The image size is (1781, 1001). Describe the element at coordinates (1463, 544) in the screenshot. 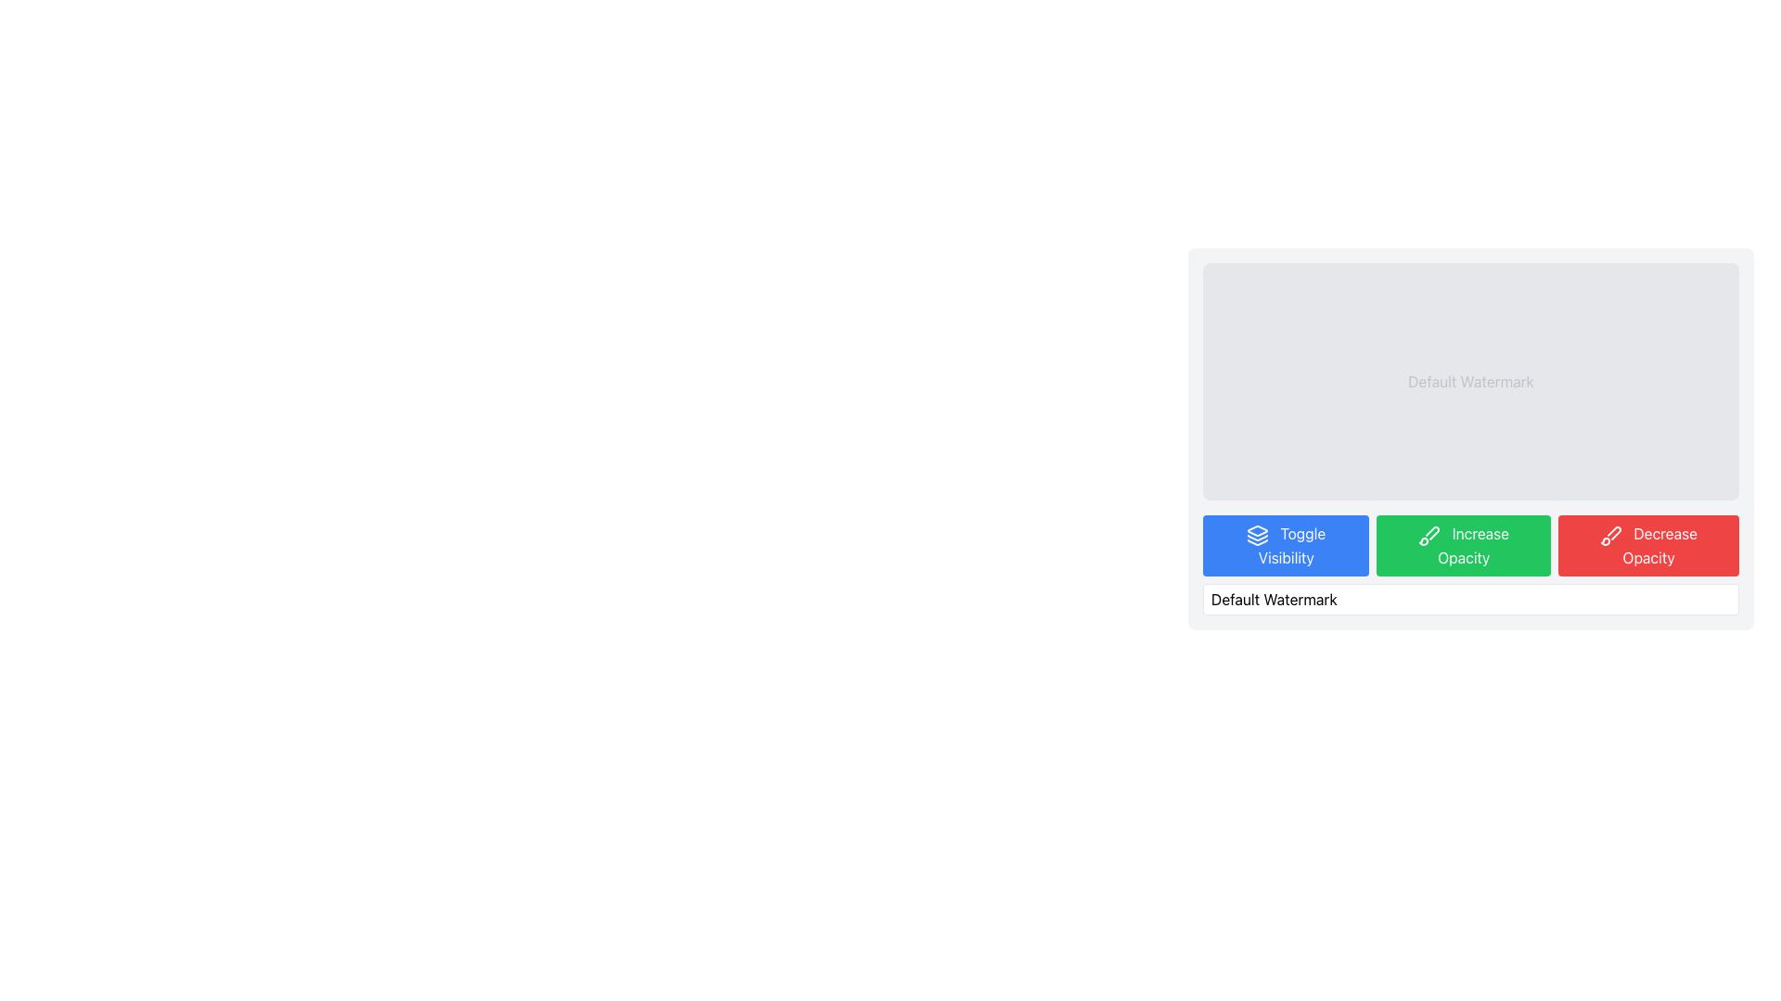

I see `the green 'Increase Opacity' button with rounded corners and a brush icon` at that location.